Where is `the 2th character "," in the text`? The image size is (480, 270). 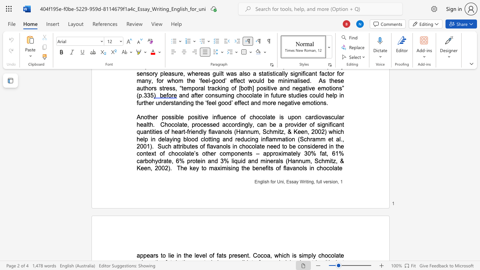
the 2th character "," in the text is located at coordinates (151, 168).